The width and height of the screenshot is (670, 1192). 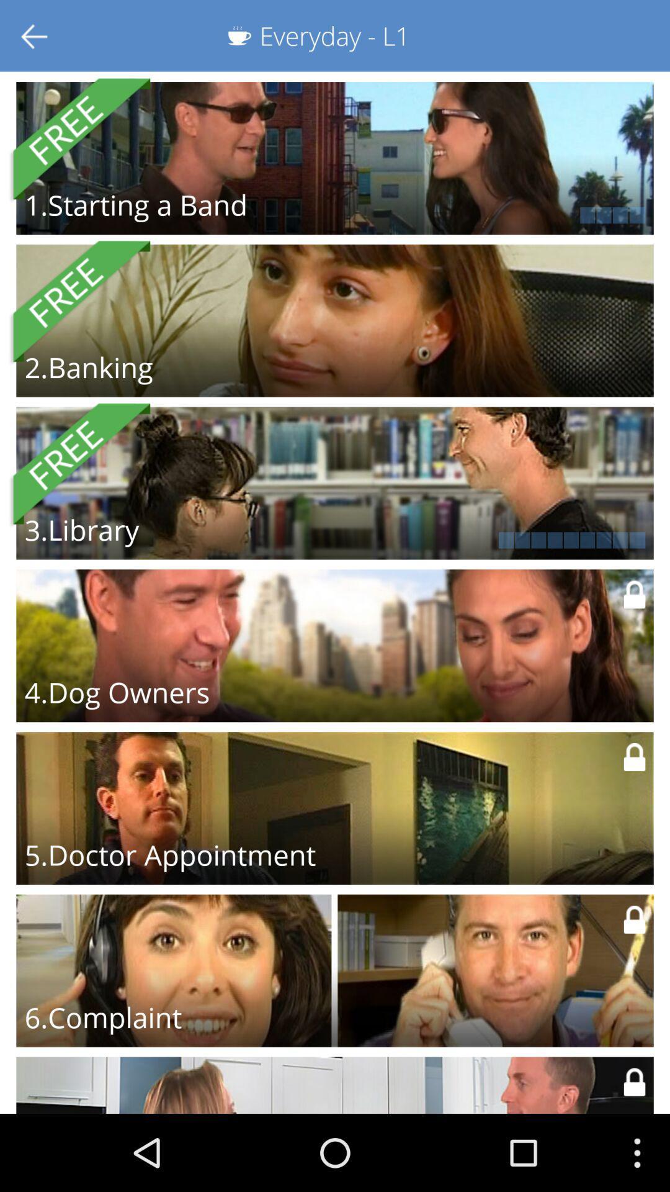 What do you see at coordinates (335, 321) in the screenshot?
I see `the second frame from top` at bounding box center [335, 321].